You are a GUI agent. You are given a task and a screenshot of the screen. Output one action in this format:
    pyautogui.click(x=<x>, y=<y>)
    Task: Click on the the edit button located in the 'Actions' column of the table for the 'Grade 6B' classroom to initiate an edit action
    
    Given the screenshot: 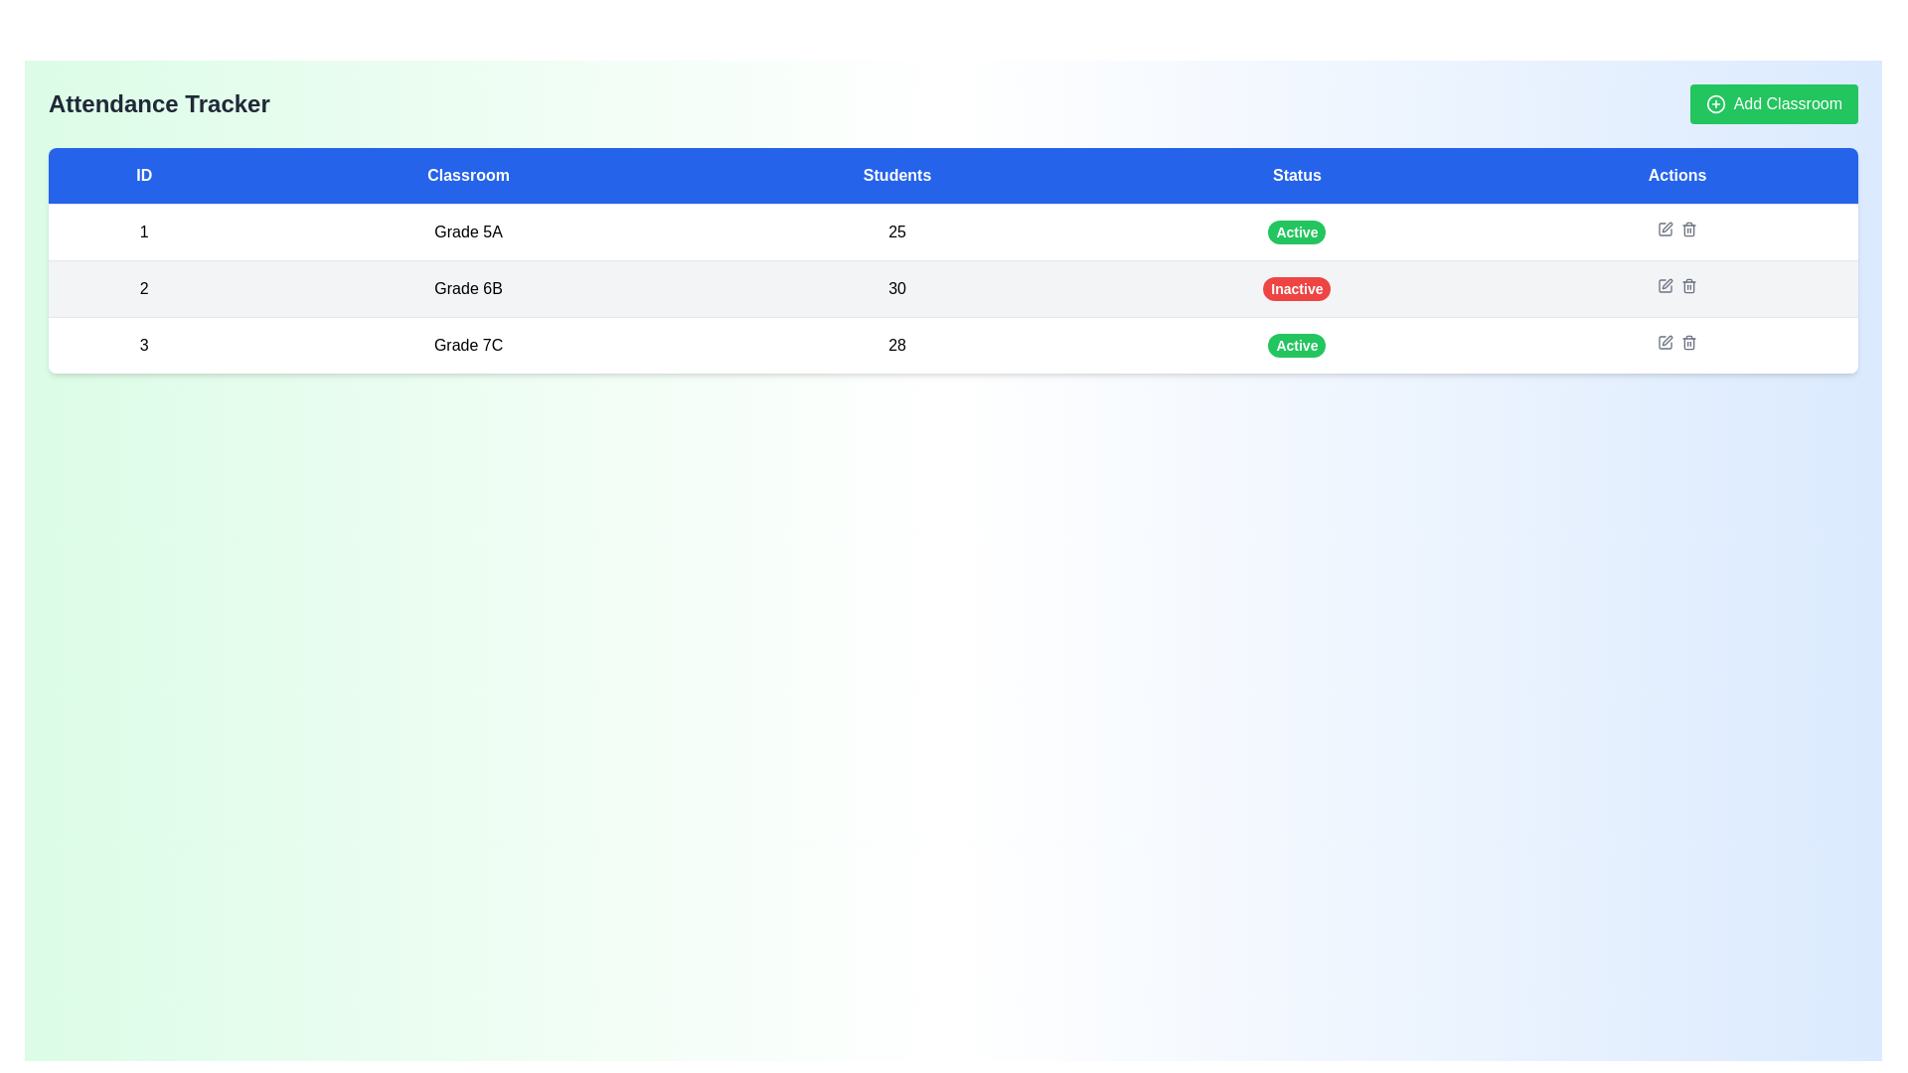 What is the action you would take?
    pyautogui.click(x=1665, y=286)
    